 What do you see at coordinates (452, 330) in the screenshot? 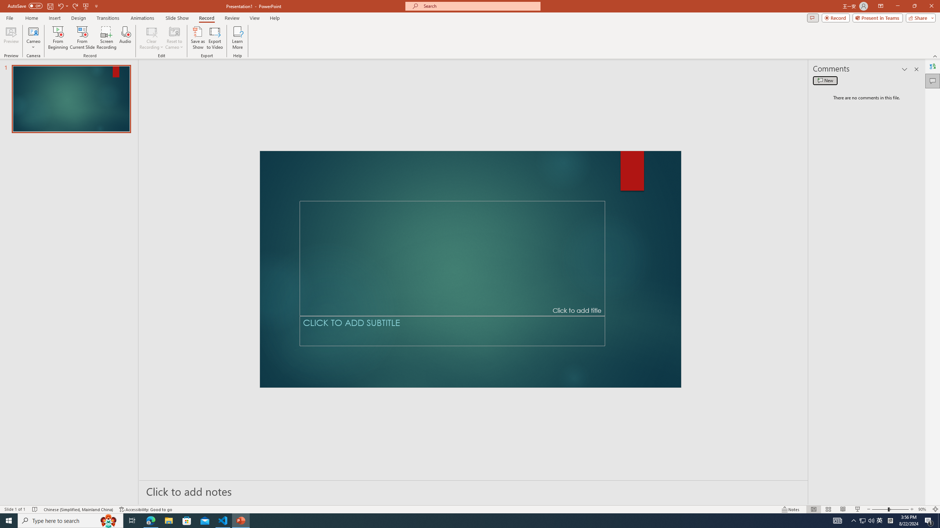
I see `'Subtitle TextBox'` at bounding box center [452, 330].